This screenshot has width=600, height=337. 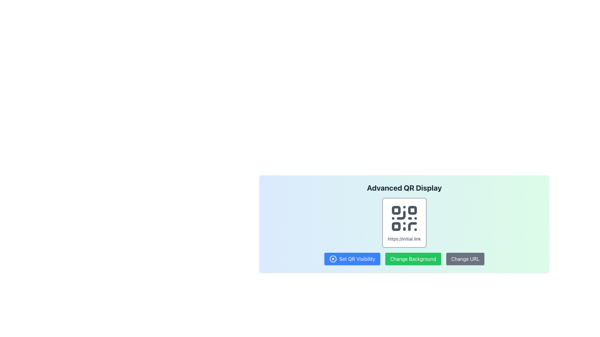 What do you see at coordinates (396, 226) in the screenshot?
I see `the small square element with rounded corners located in the bottom-left part of the QR code in the center of the interface` at bounding box center [396, 226].